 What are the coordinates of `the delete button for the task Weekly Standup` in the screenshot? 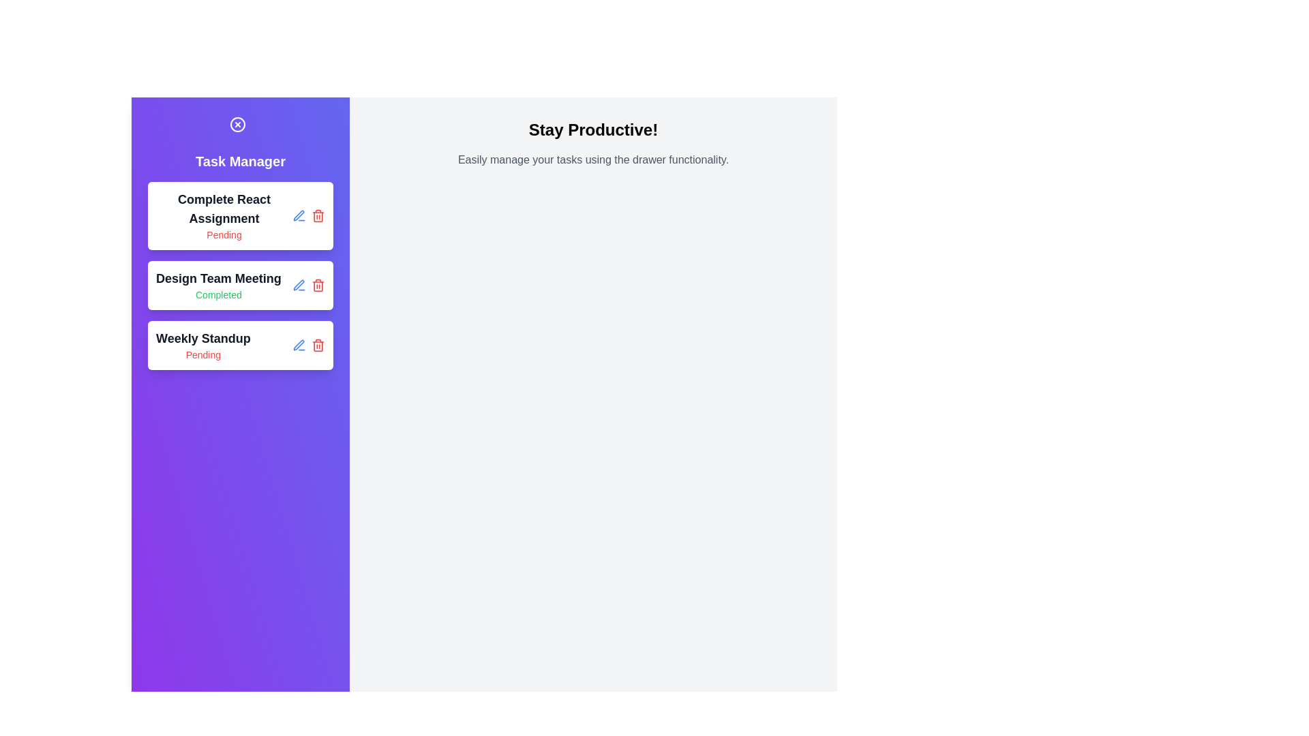 It's located at (317, 344).